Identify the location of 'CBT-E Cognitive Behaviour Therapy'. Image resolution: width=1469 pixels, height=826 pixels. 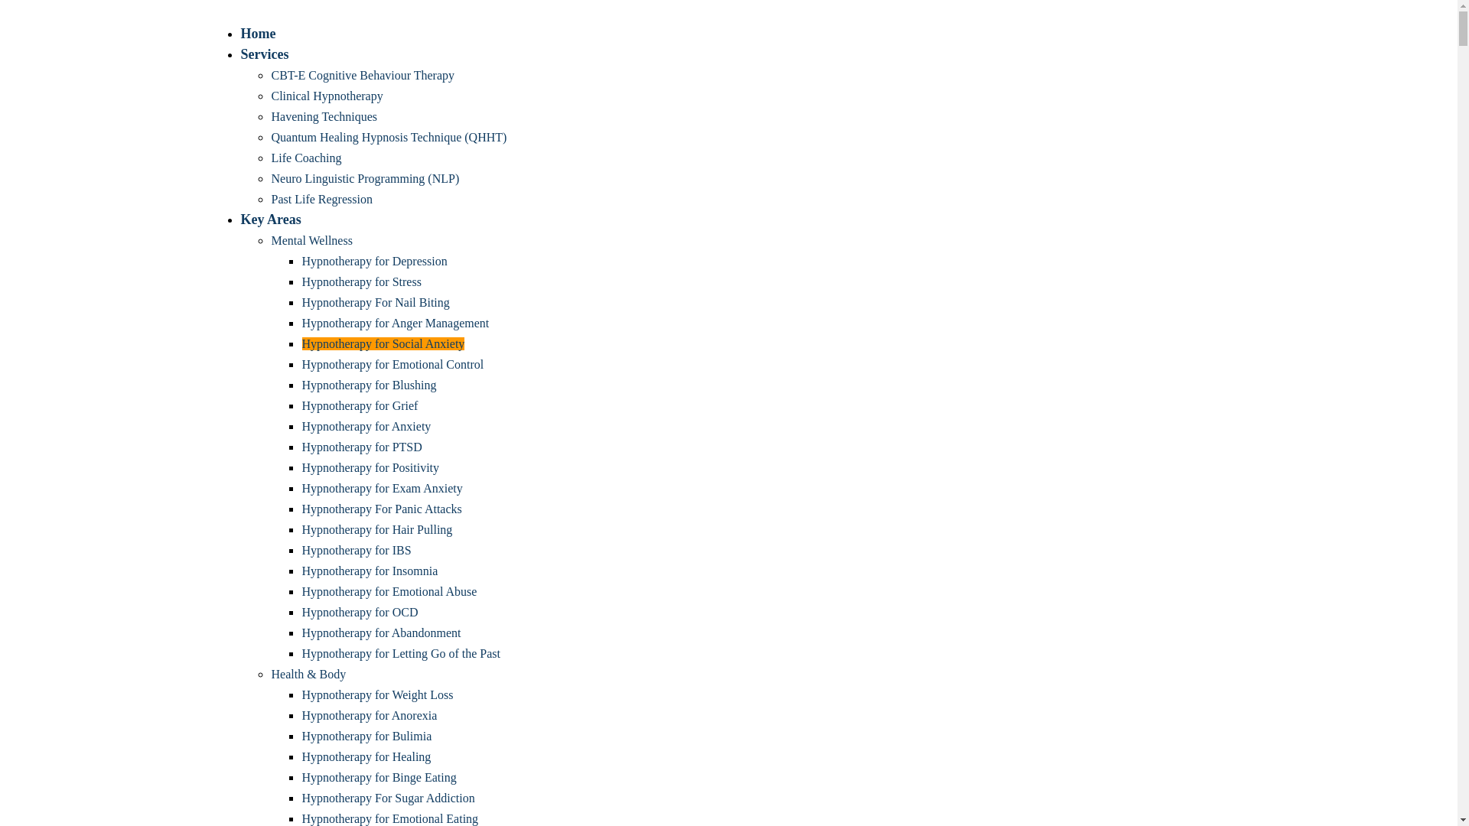
(362, 75).